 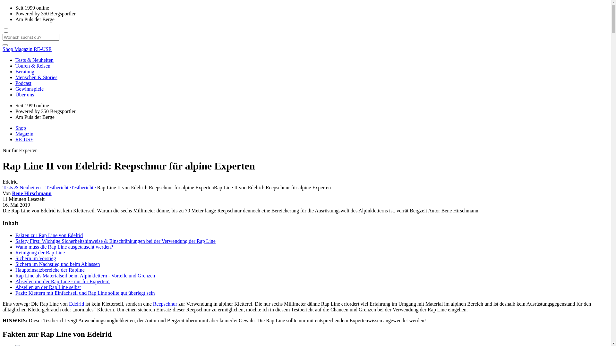 I want to click on 'Reinigung der Rap Line', so click(x=39, y=252).